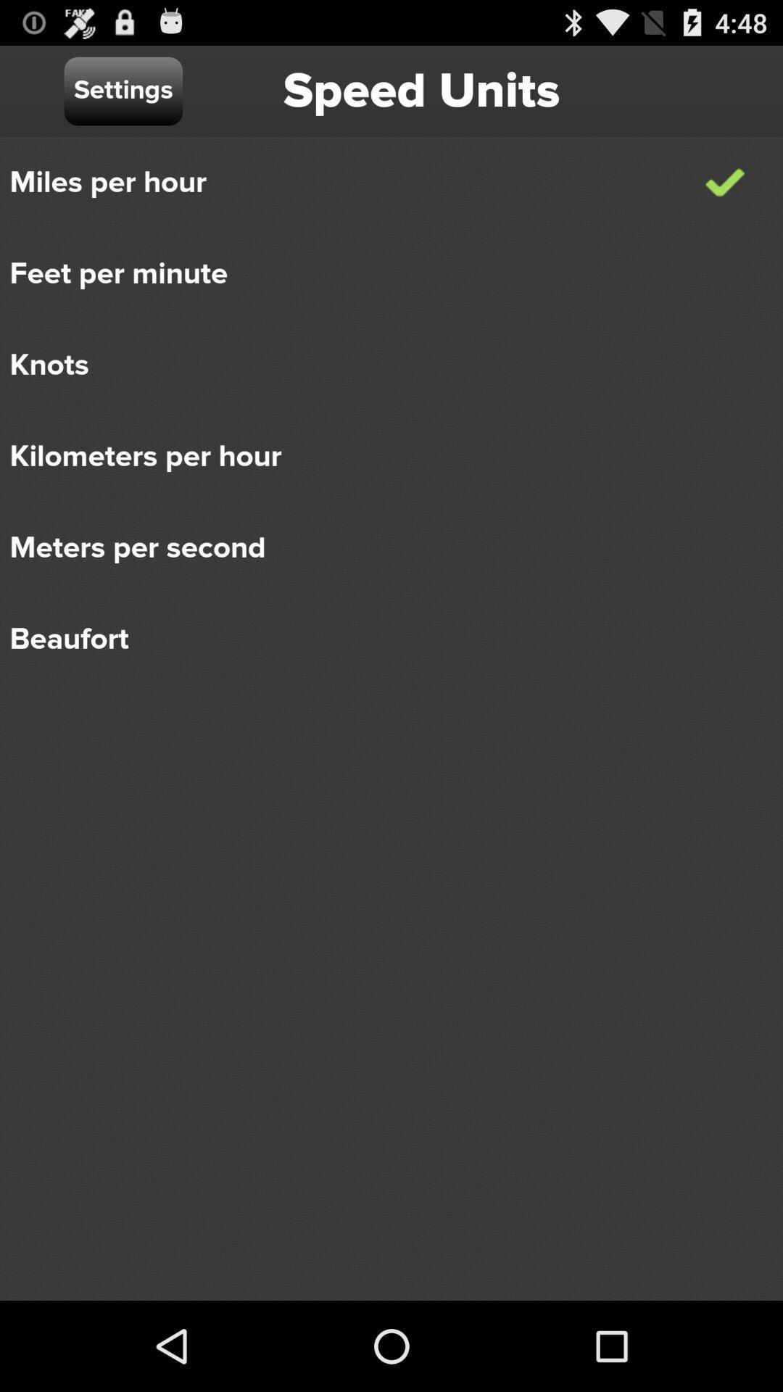  Describe the element at coordinates (123, 90) in the screenshot. I see `icon to the left of speed units icon` at that location.